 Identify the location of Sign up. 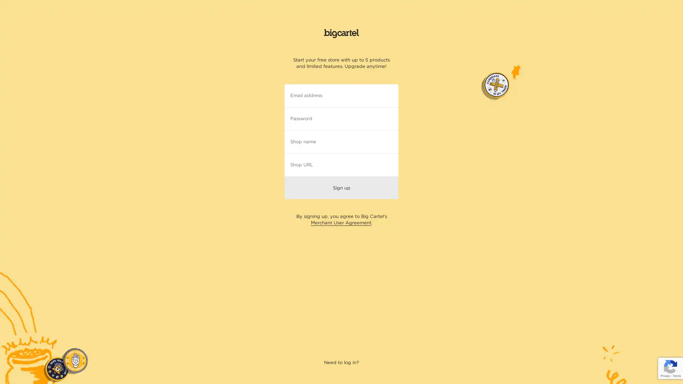
(341, 187).